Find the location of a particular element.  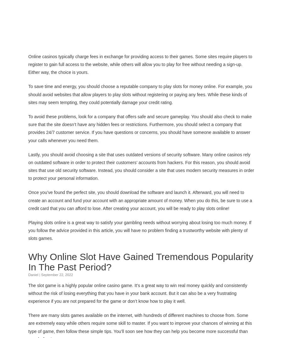

'Online casinos typically charge fees in exchange for providing access to their games. Some sites require players to register to gain full access to the website, while others will allow you to play for free without needing a sign-up. Either way, the choice is yours.' is located at coordinates (140, 64).